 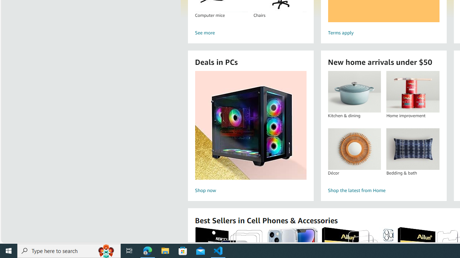 I want to click on 'Bedding & bath', so click(x=413, y=148).